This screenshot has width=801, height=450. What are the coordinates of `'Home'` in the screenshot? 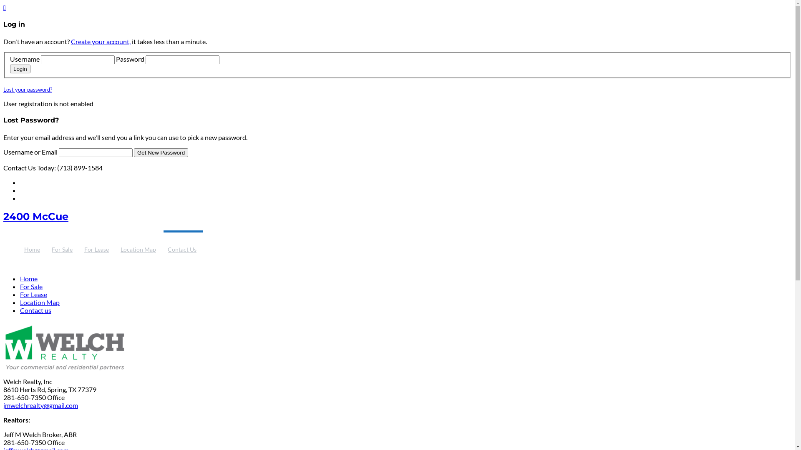 It's located at (28, 278).